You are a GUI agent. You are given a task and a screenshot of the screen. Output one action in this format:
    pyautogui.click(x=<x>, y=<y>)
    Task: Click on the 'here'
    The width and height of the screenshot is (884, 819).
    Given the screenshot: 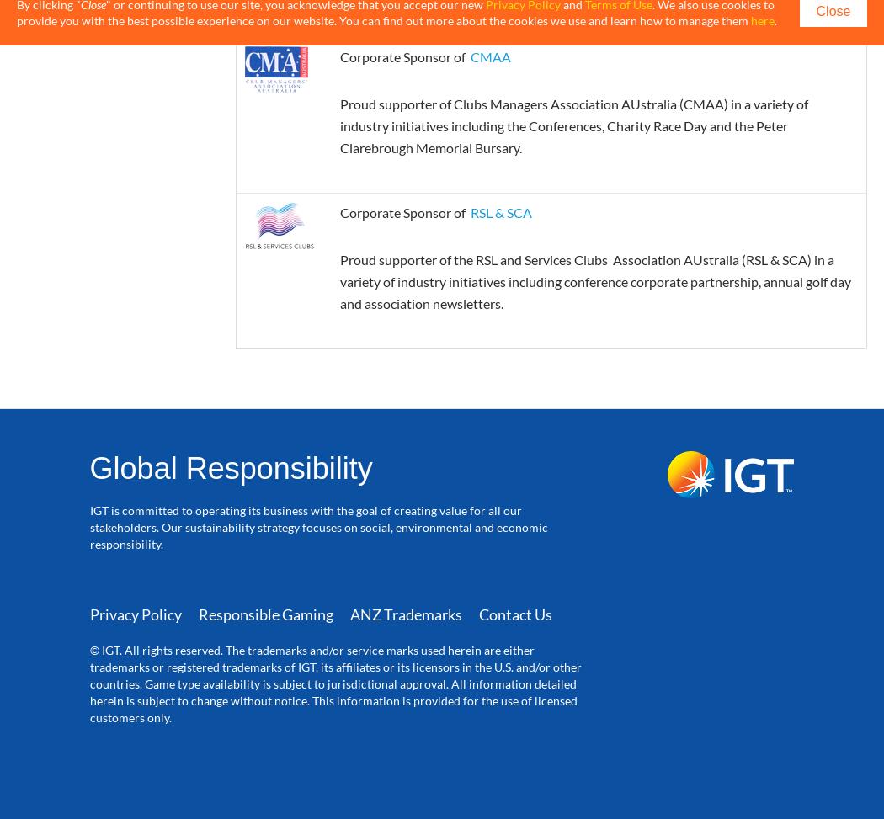 What is the action you would take?
    pyautogui.click(x=763, y=20)
    